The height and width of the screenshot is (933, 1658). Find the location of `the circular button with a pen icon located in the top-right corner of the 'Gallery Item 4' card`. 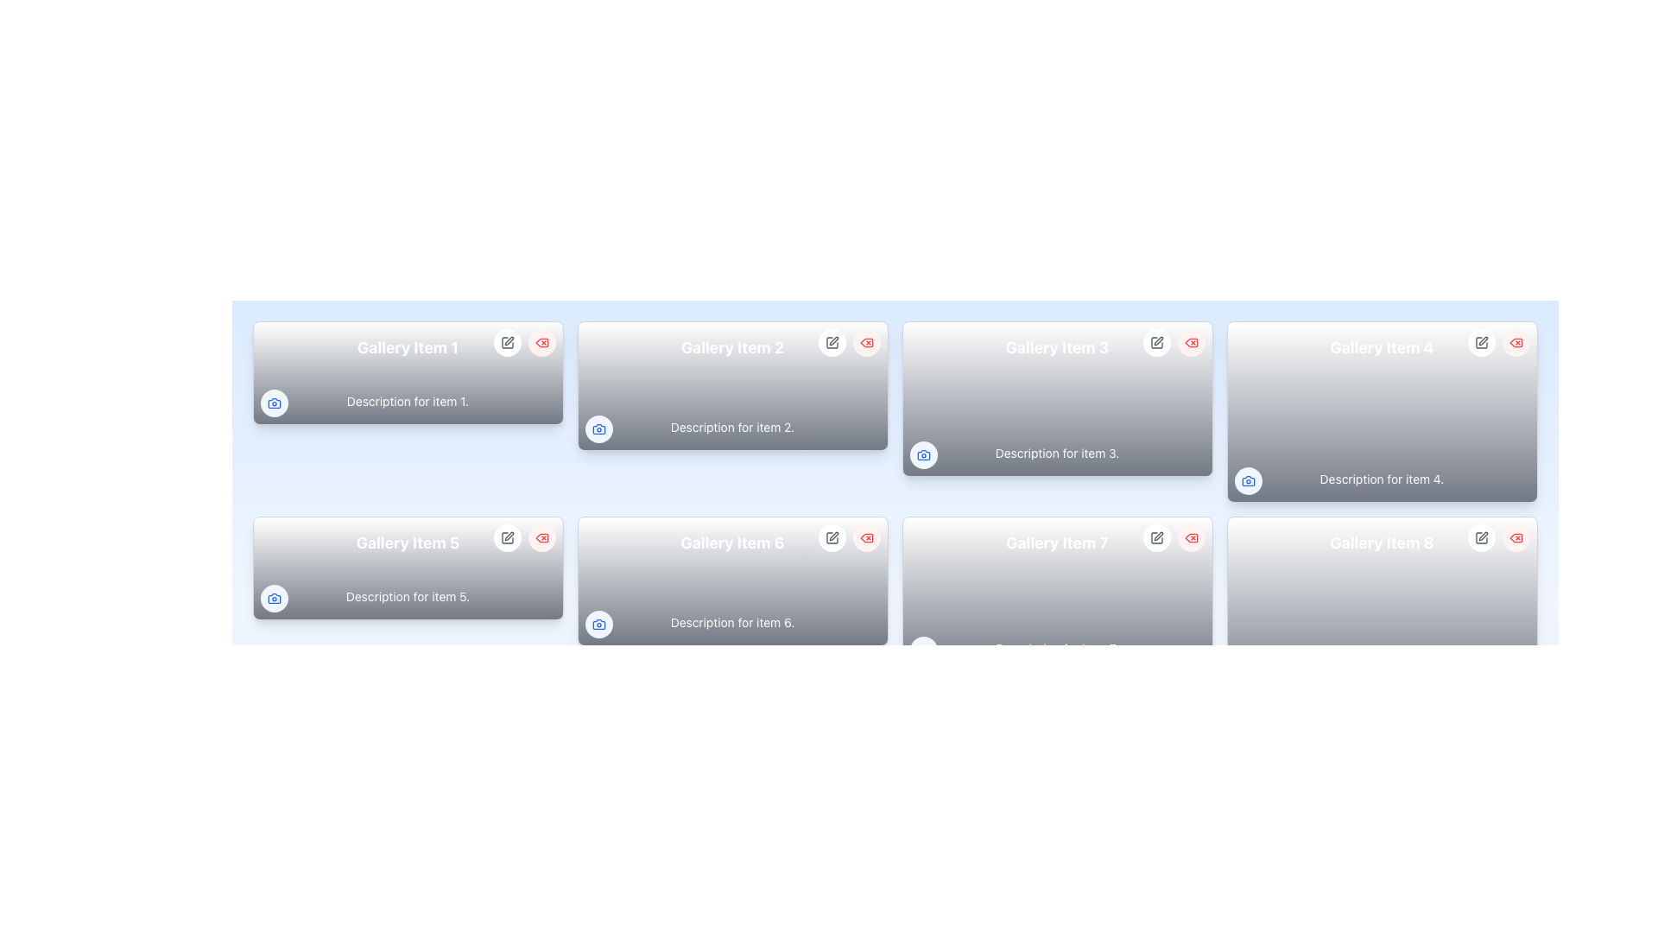

the circular button with a pen icon located in the top-right corner of the 'Gallery Item 4' card is located at coordinates (1480, 343).